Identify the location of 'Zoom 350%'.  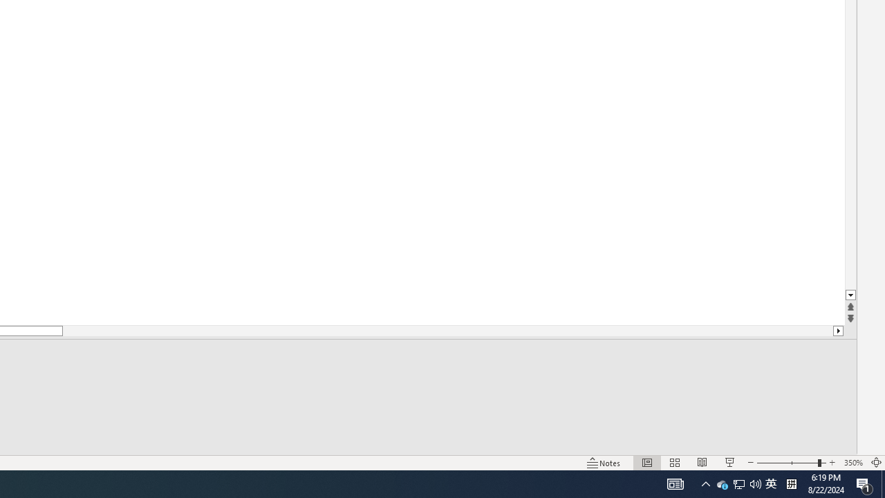
(853, 463).